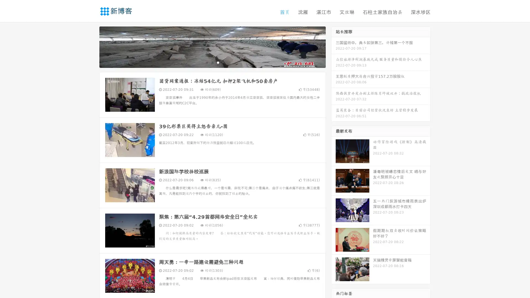 This screenshot has height=298, width=530. I want to click on Go to slide 3, so click(218, 62).